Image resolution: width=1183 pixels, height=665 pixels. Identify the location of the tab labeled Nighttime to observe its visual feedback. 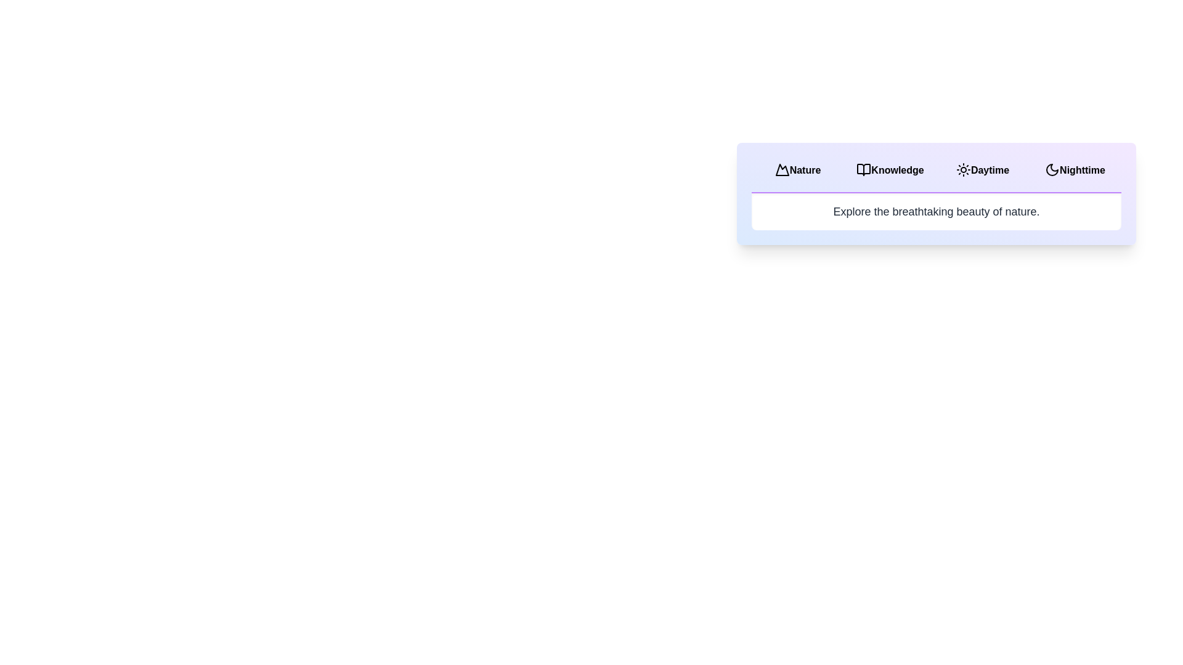
(1075, 171).